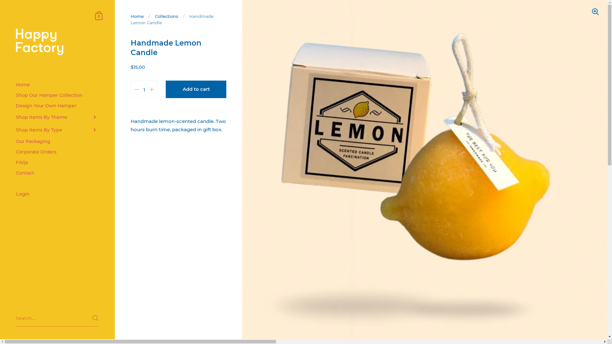 This screenshot has height=344, width=612. I want to click on '0', so click(99, 15).